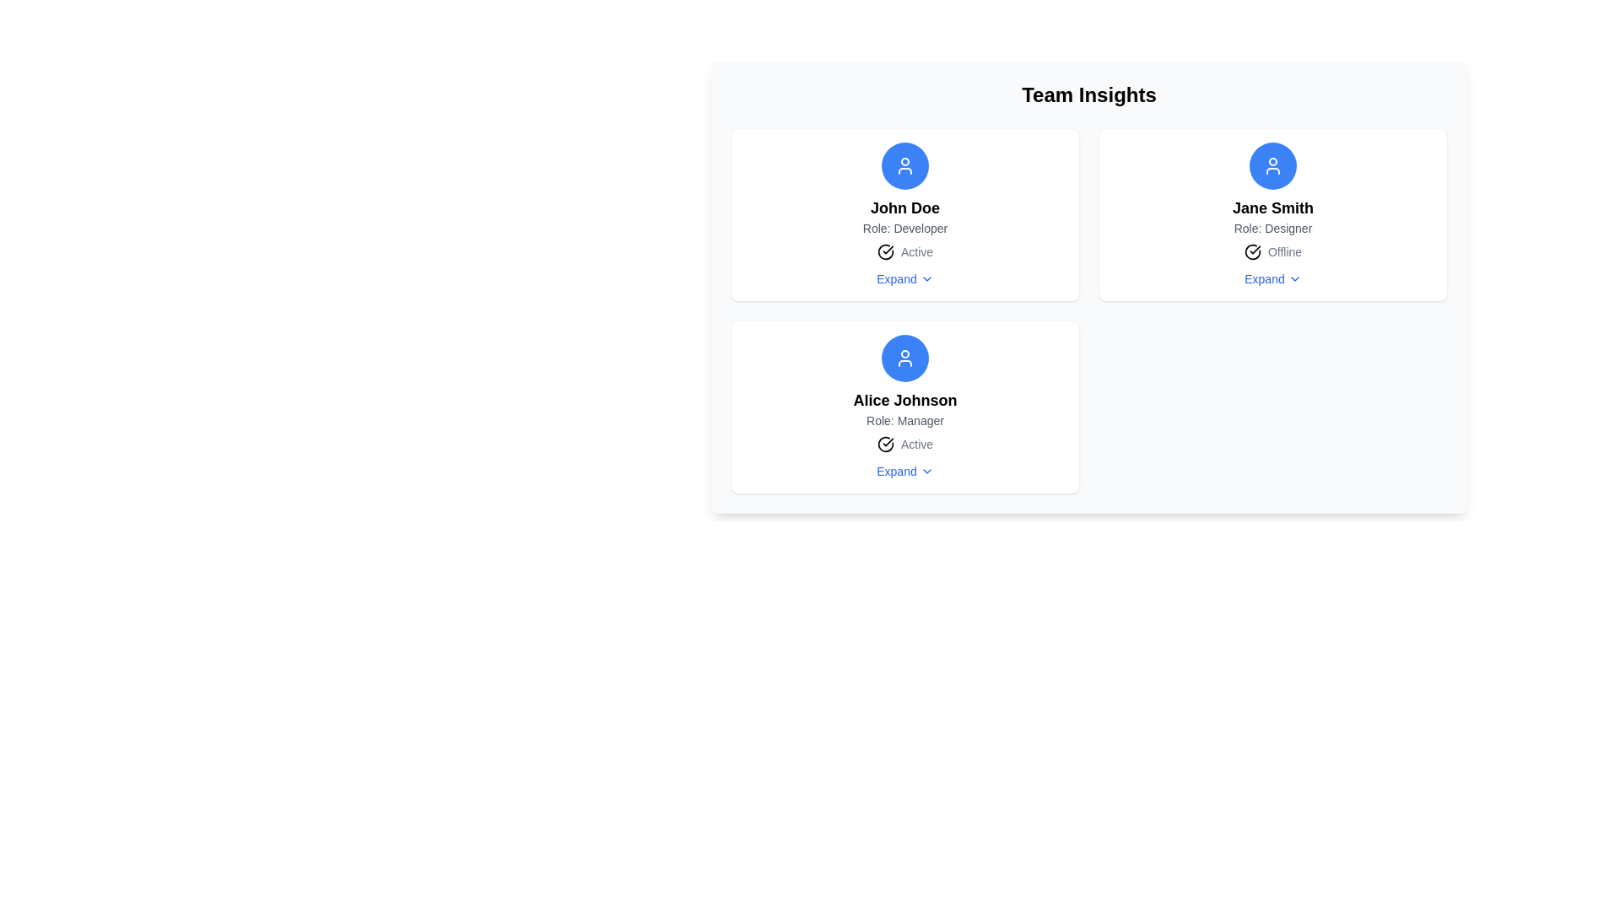  What do you see at coordinates (1293, 278) in the screenshot?
I see `the small downward-facing chevron icon next to the word 'Expand' in the card for 'Jane Smith'` at bounding box center [1293, 278].